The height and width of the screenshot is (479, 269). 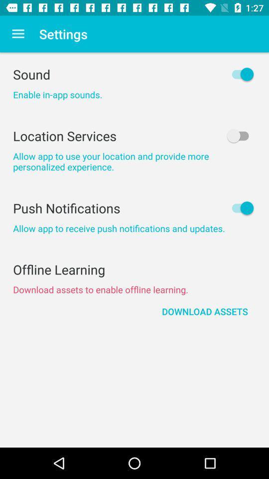 What do you see at coordinates (134, 74) in the screenshot?
I see `the sound icon` at bounding box center [134, 74].